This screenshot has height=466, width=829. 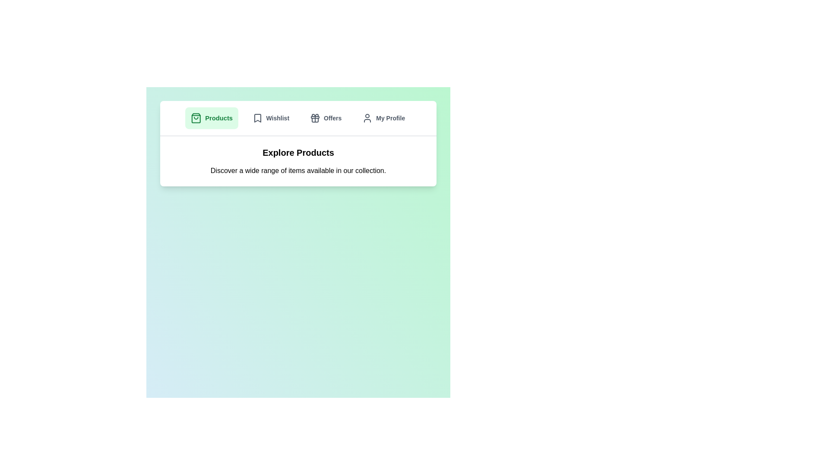 I want to click on the 'Products' icon located in the navigation bar, which visually represents the 'Products' section and is positioned to the left of the text label 'Products', so click(x=196, y=118).